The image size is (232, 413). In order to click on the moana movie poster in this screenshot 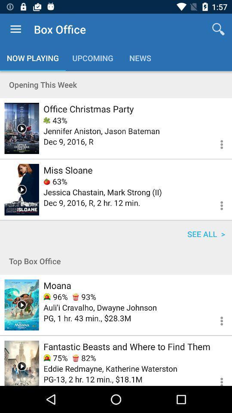, I will do `click(21, 305)`.